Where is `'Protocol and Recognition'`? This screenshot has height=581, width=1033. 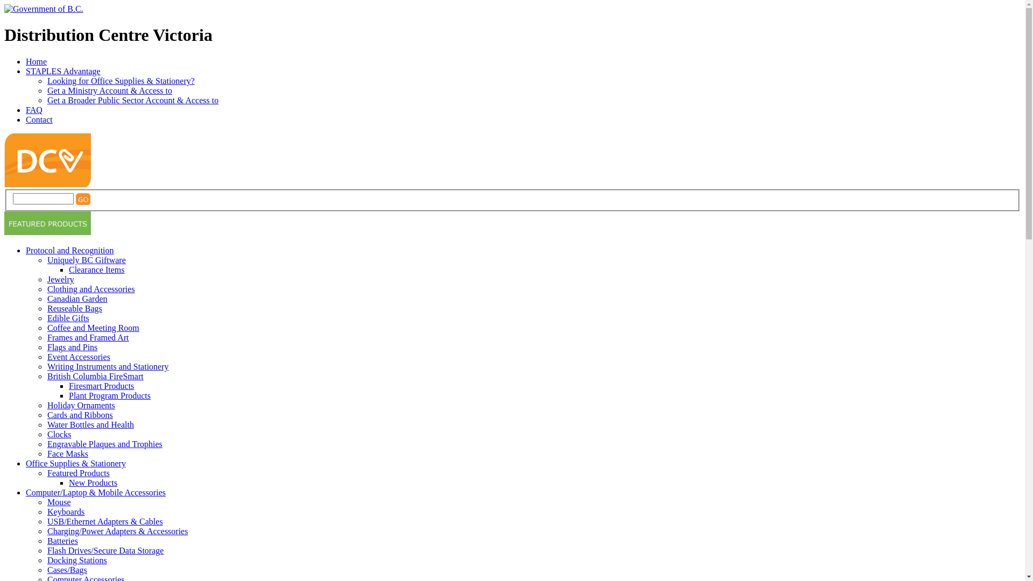 'Protocol and Recognition' is located at coordinates (69, 250).